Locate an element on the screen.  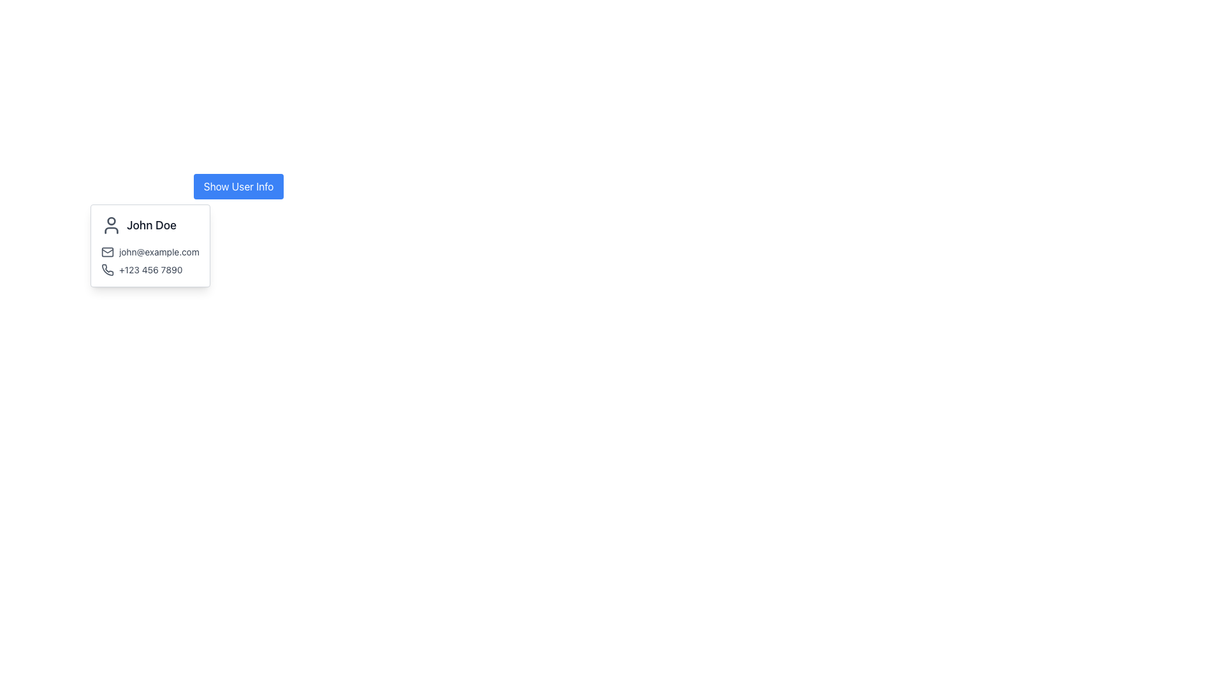
the Text Display that shows the email 'john@example.com', which is styled in dark gray and located to the right of an envelope icon as the second item in the list is located at coordinates (158, 252).